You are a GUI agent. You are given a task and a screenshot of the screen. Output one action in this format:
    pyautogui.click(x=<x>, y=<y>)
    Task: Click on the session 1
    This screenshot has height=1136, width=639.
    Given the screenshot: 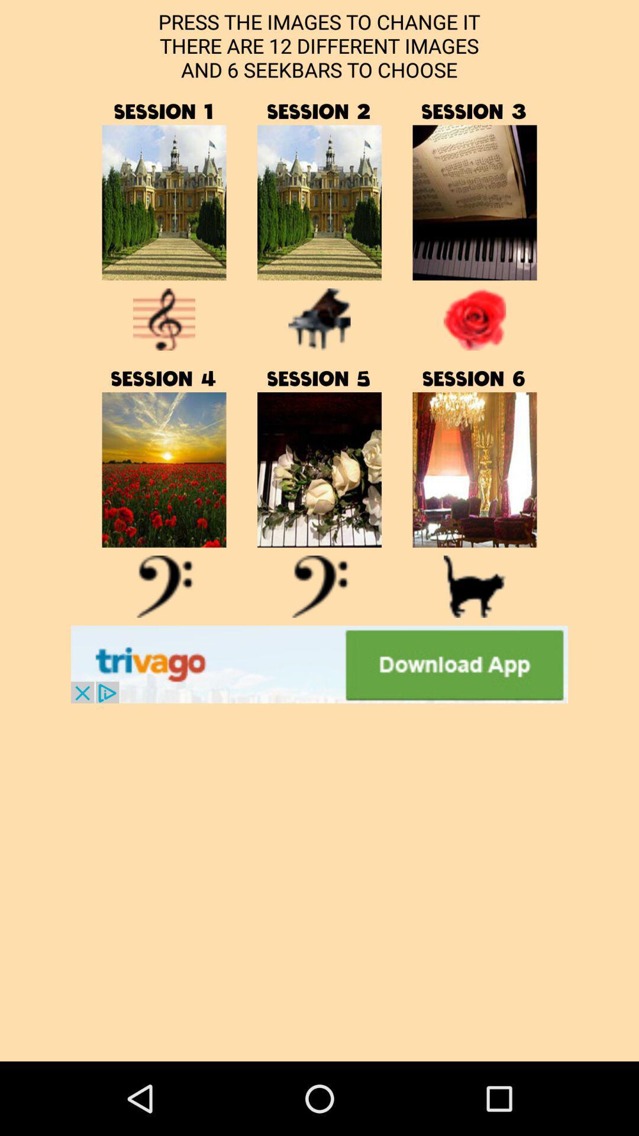 What is the action you would take?
    pyautogui.click(x=164, y=202)
    